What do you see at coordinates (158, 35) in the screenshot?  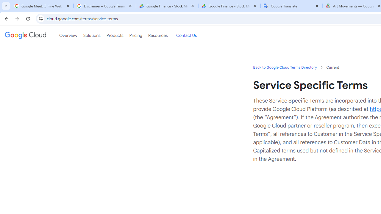 I see `'Resources'` at bounding box center [158, 35].